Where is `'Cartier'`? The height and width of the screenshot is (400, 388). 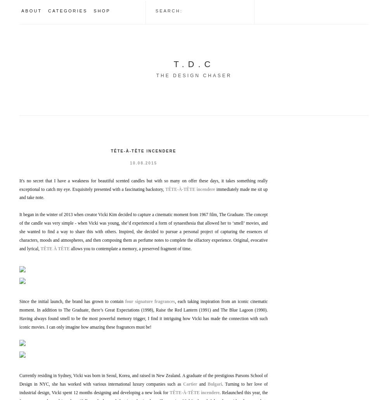 'Cartier' is located at coordinates (190, 383).